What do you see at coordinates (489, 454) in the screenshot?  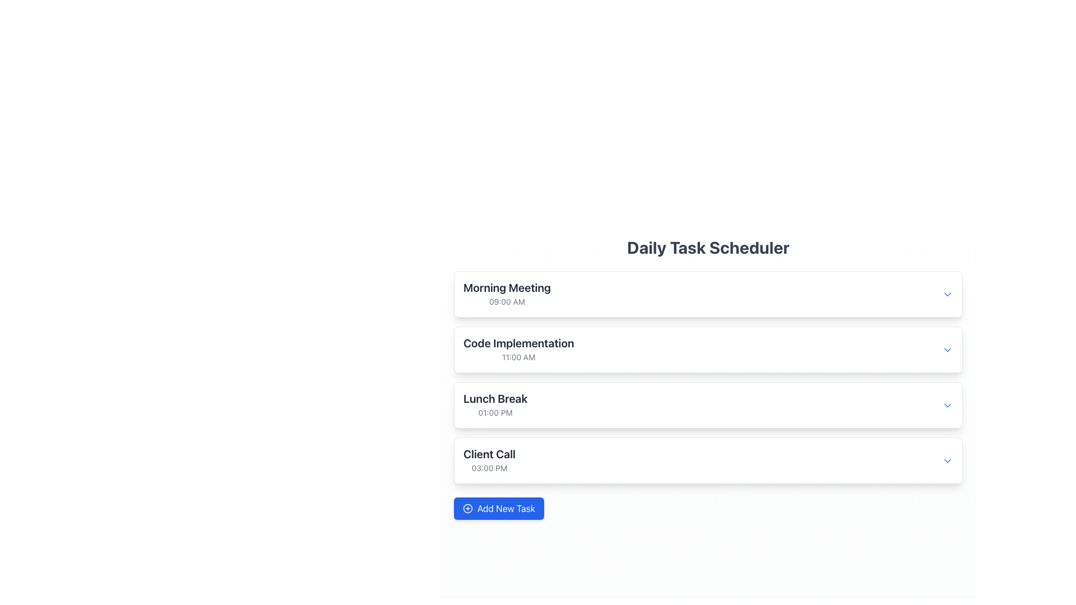 I see `the Text Label that serves as the title for the 'Client Call' task entry, which is located at the fourth position in the visible task schedule list` at bounding box center [489, 454].